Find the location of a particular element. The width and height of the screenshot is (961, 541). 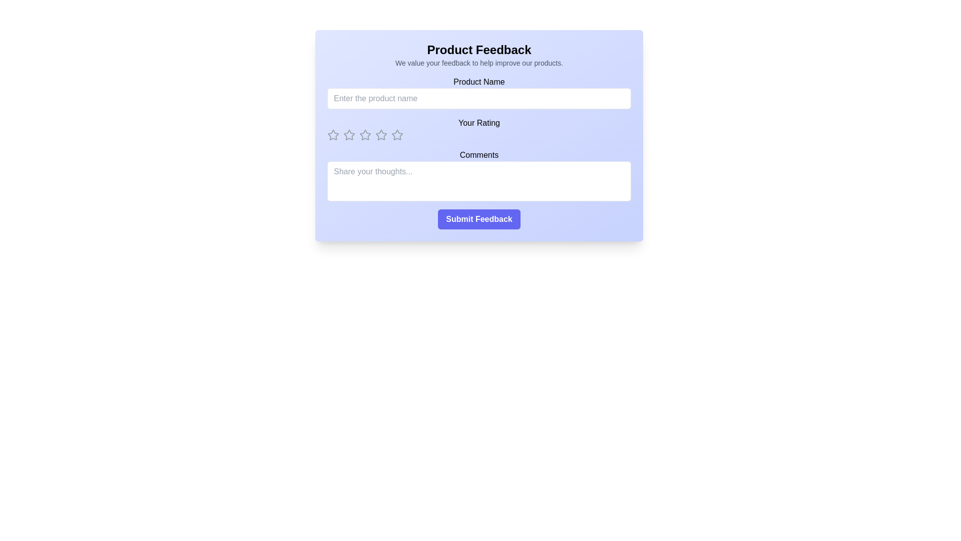

the 'Submit Feedback' button, which is a rectangular button with white, bold text on a blue background, located at the bottom of the feedback form is located at coordinates (478, 219).